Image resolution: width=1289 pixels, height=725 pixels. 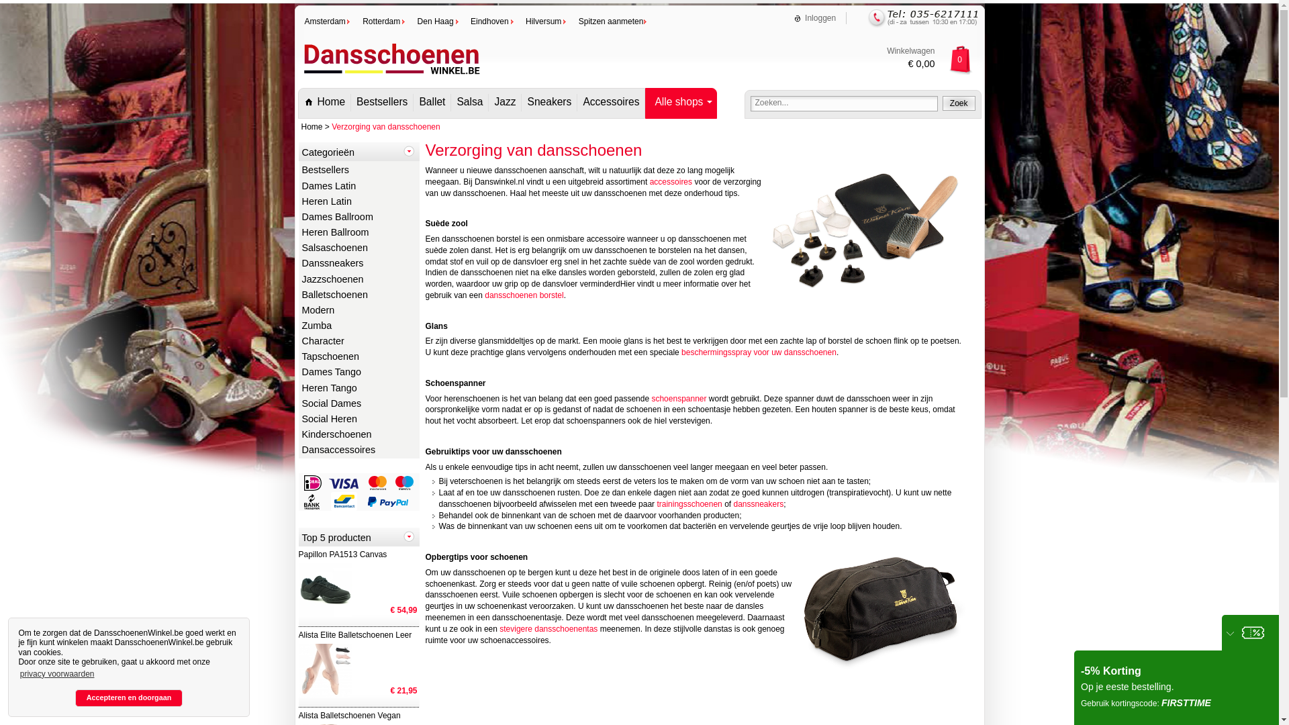 I want to click on 'Den Haag', so click(x=417, y=21).